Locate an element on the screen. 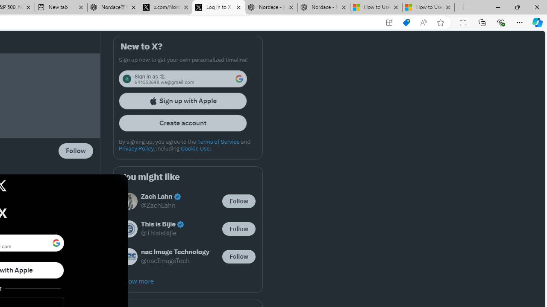 Image resolution: width=547 pixels, height=307 pixels. 'Add this page to favorites (Ctrl+D)' is located at coordinates (441, 22).